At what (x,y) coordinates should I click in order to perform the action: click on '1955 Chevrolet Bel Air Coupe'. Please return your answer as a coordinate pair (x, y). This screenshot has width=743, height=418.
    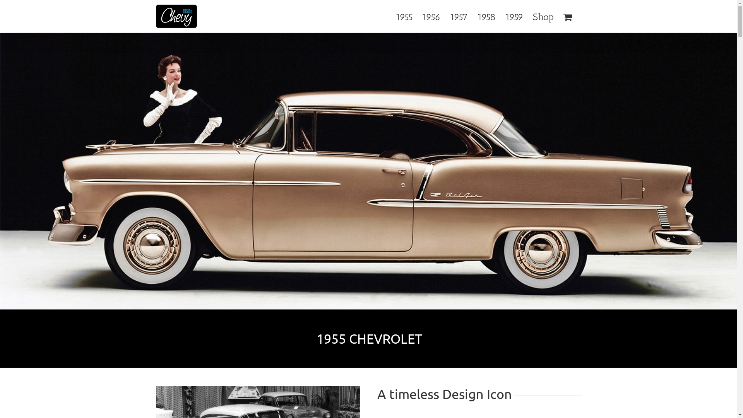
    Looking at the image, I should click on (368, 171).